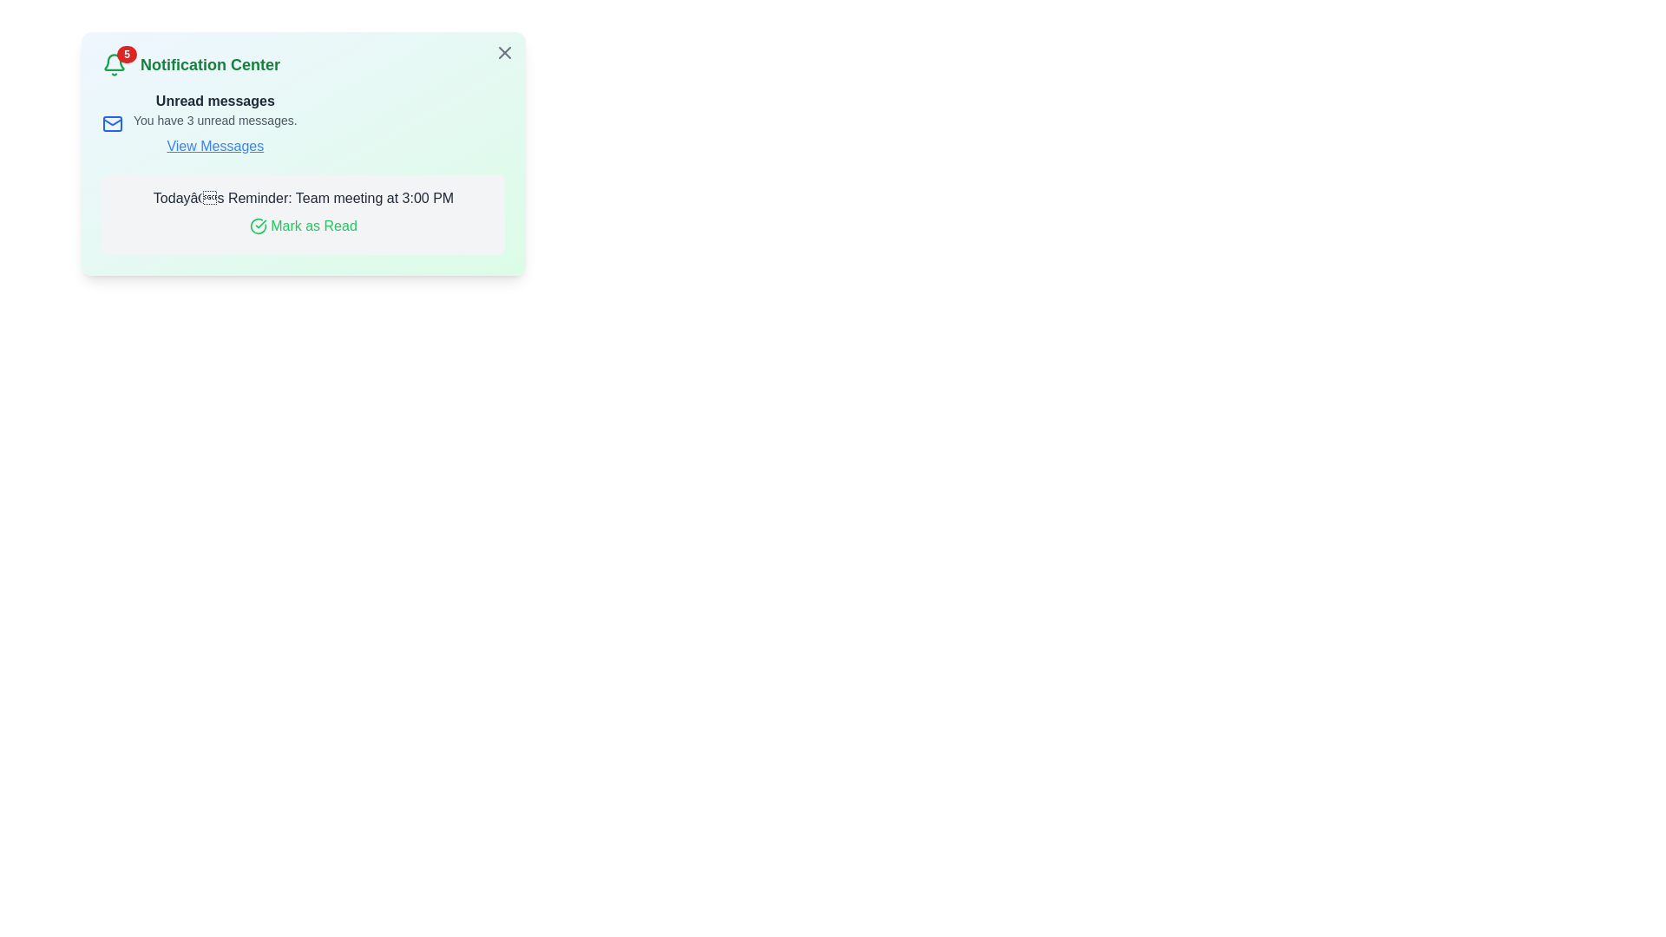 This screenshot has width=1666, height=937. Describe the element at coordinates (214, 119) in the screenshot. I see `text label that displays 'You have 3 unread messages.' which is located below the 'Unread messages' label in the notification panel` at that location.